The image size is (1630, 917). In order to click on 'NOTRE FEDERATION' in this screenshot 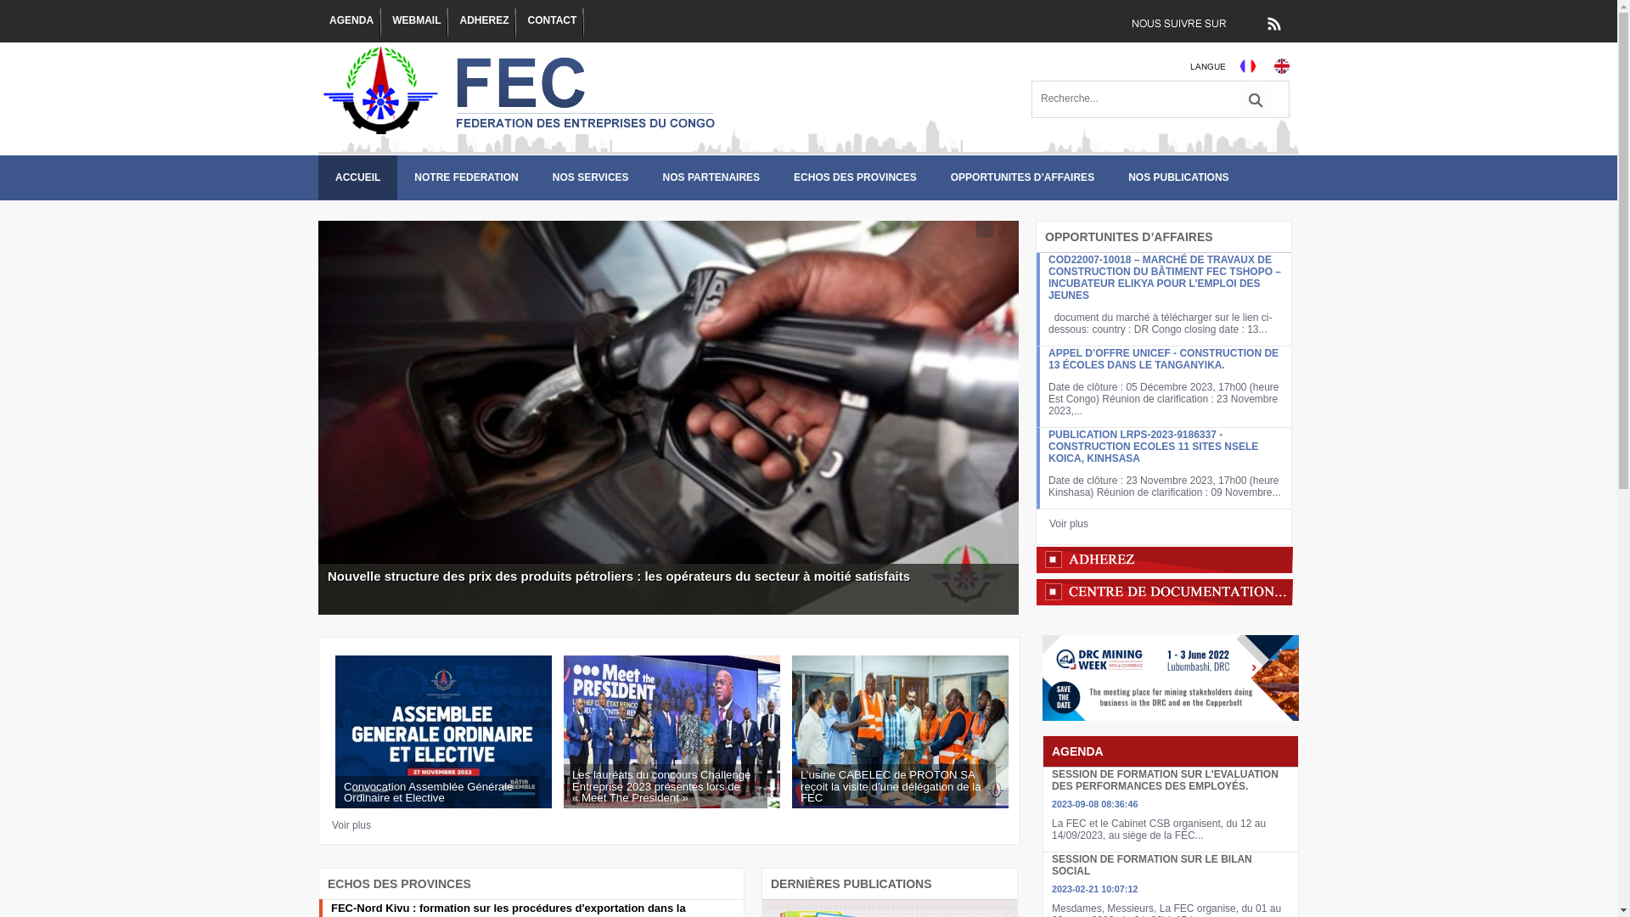, I will do `click(396, 177)`.